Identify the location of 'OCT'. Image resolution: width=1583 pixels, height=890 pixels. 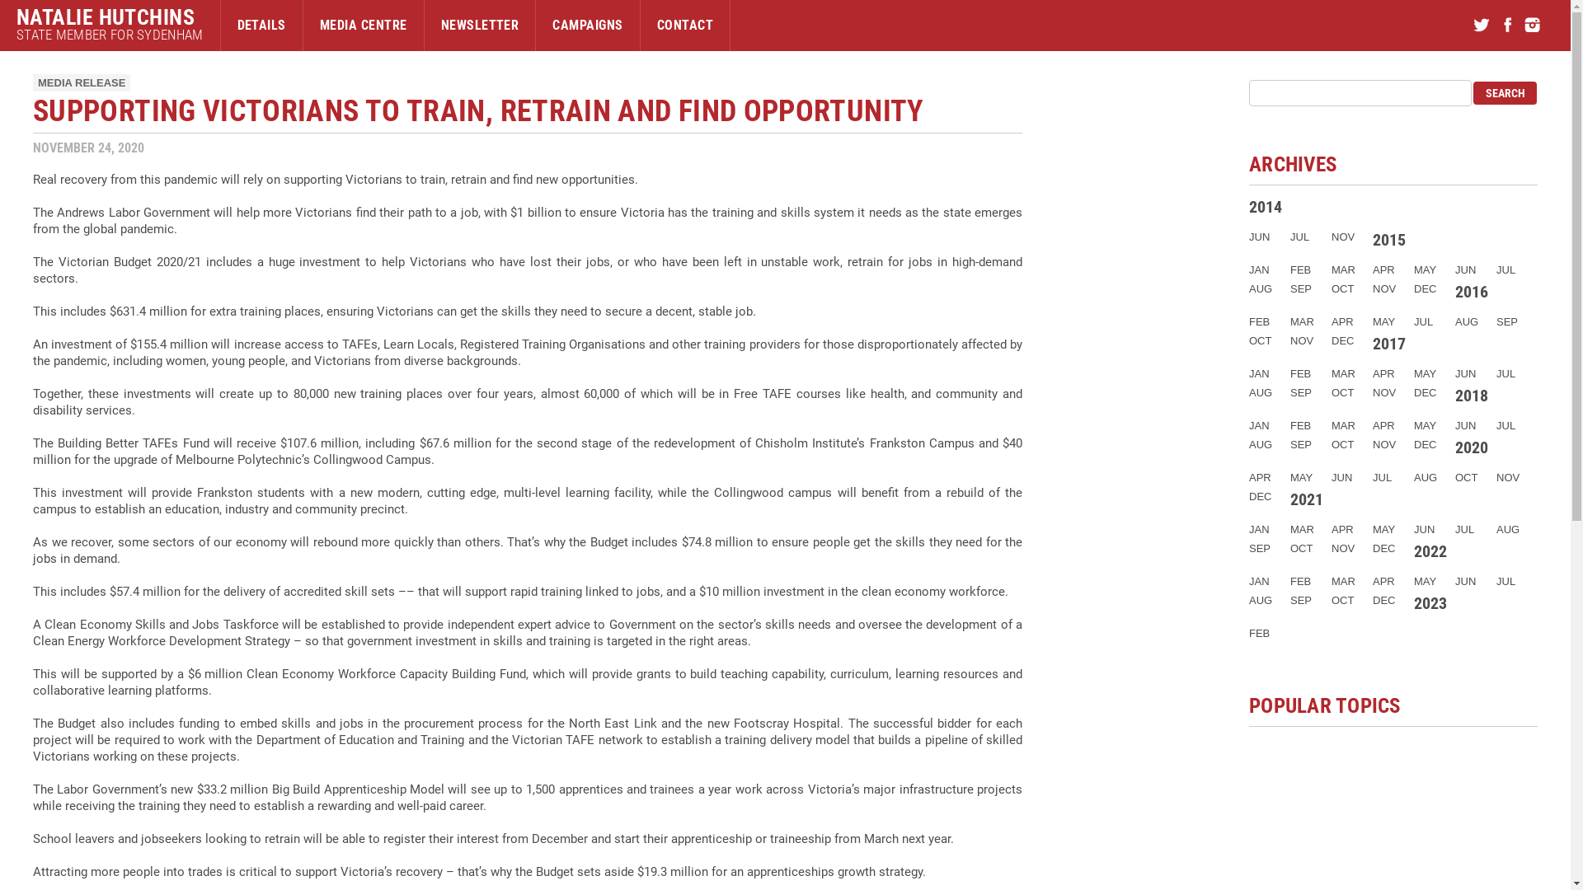
(1342, 288).